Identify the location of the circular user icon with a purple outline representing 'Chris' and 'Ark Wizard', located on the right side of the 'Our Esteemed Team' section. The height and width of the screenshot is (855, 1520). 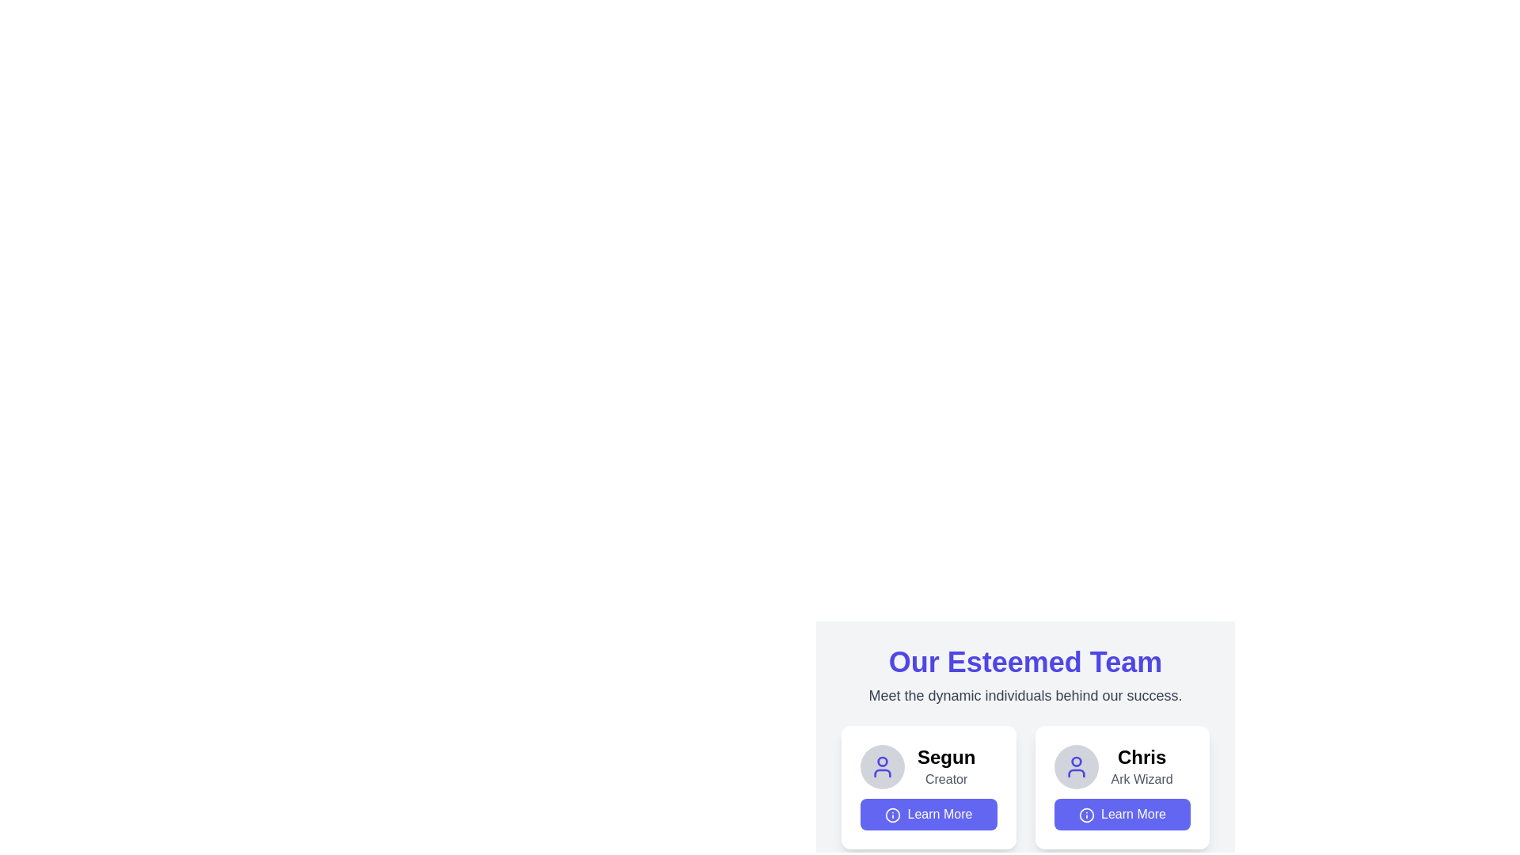
(1076, 766).